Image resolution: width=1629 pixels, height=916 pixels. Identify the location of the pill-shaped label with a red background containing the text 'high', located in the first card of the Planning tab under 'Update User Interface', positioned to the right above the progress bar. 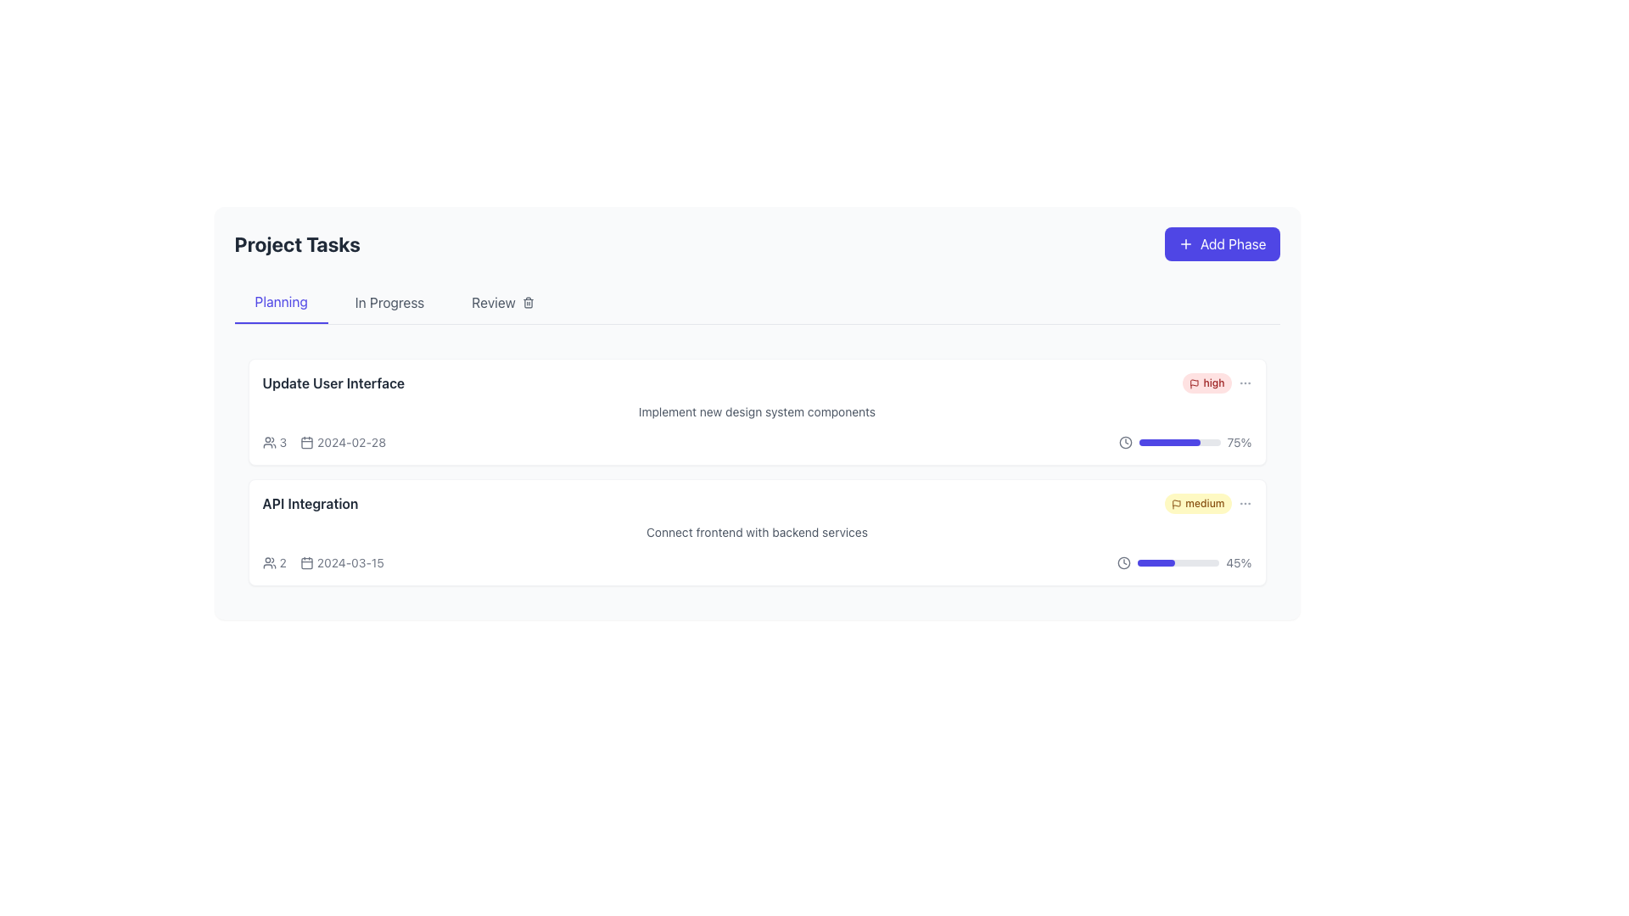
(1206, 383).